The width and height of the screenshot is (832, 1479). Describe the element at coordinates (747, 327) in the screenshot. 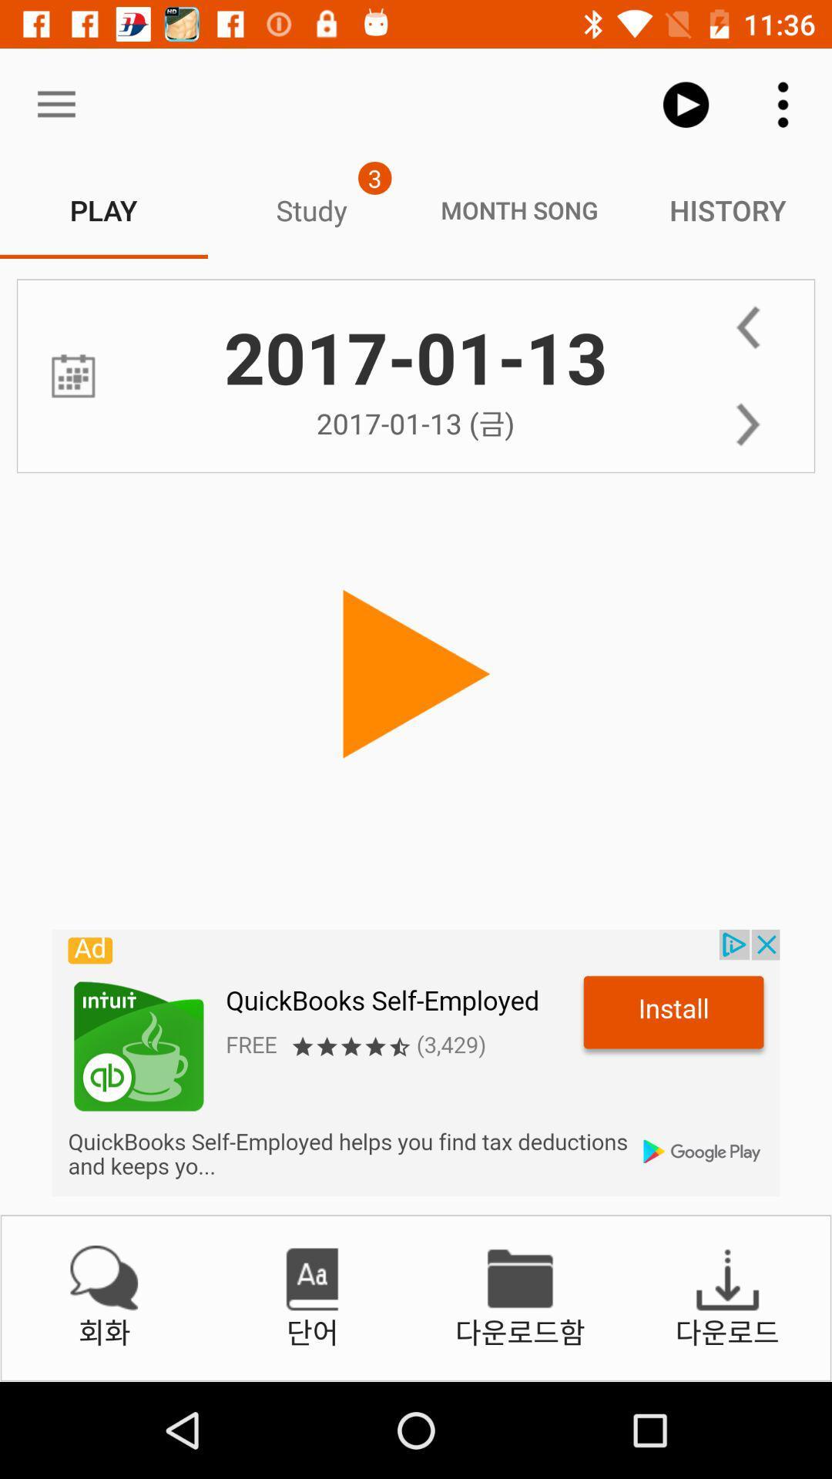

I see `back word` at that location.